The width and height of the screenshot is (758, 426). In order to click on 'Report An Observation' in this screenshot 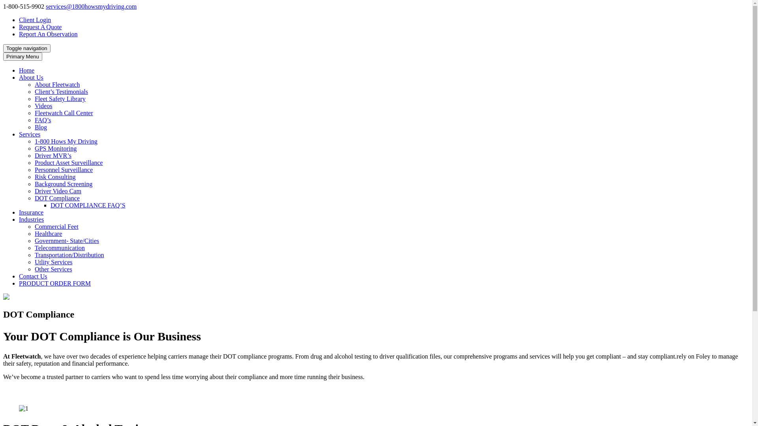, I will do `click(47, 34)`.